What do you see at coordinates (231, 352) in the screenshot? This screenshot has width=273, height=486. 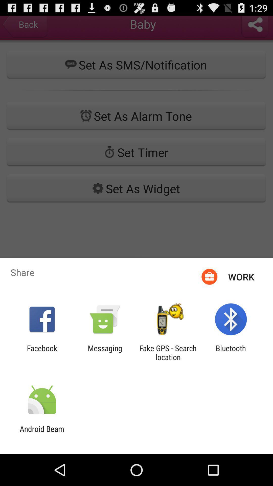 I see `the item next to fake gps search app` at bounding box center [231, 352].